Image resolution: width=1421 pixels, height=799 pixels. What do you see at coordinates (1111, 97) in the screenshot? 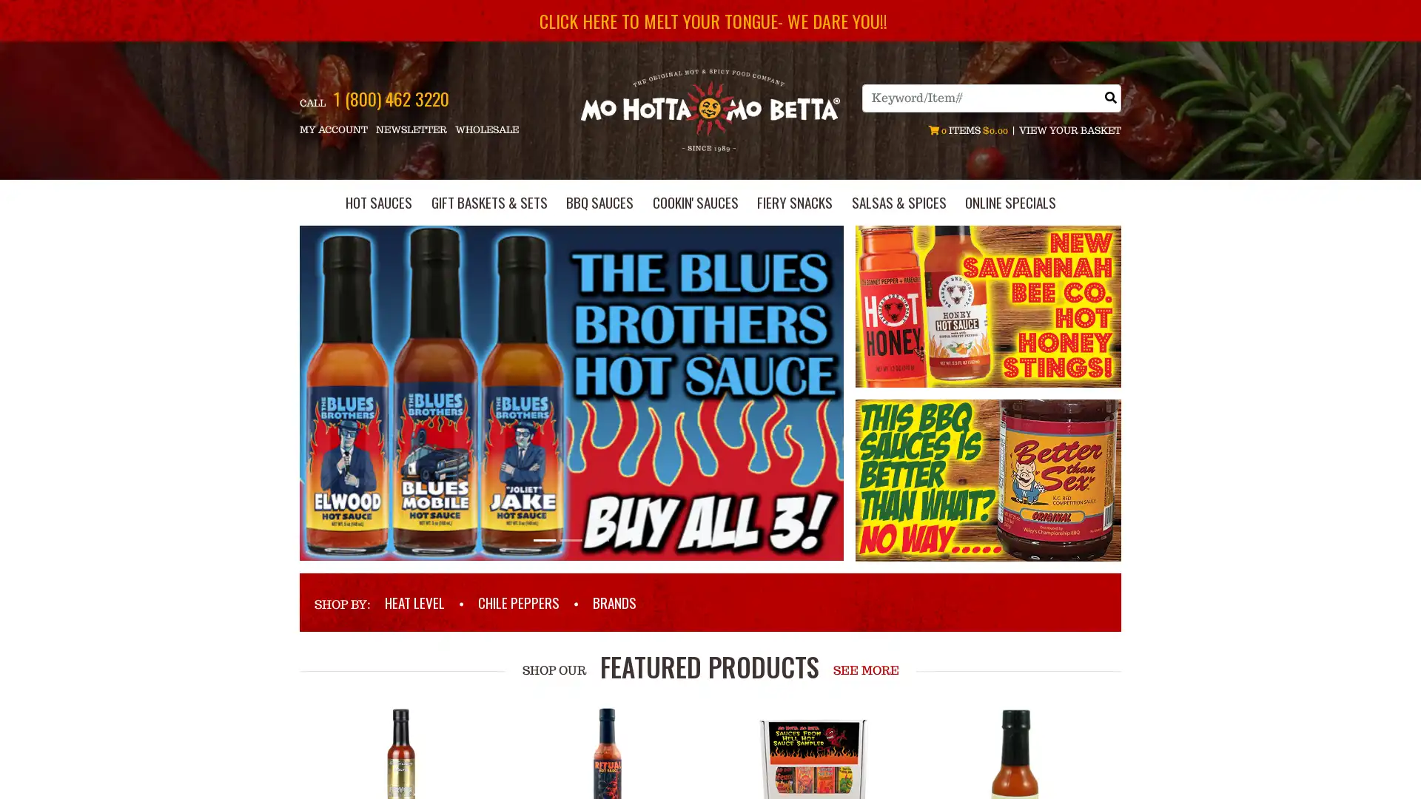
I see `Search` at bounding box center [1111, 97].